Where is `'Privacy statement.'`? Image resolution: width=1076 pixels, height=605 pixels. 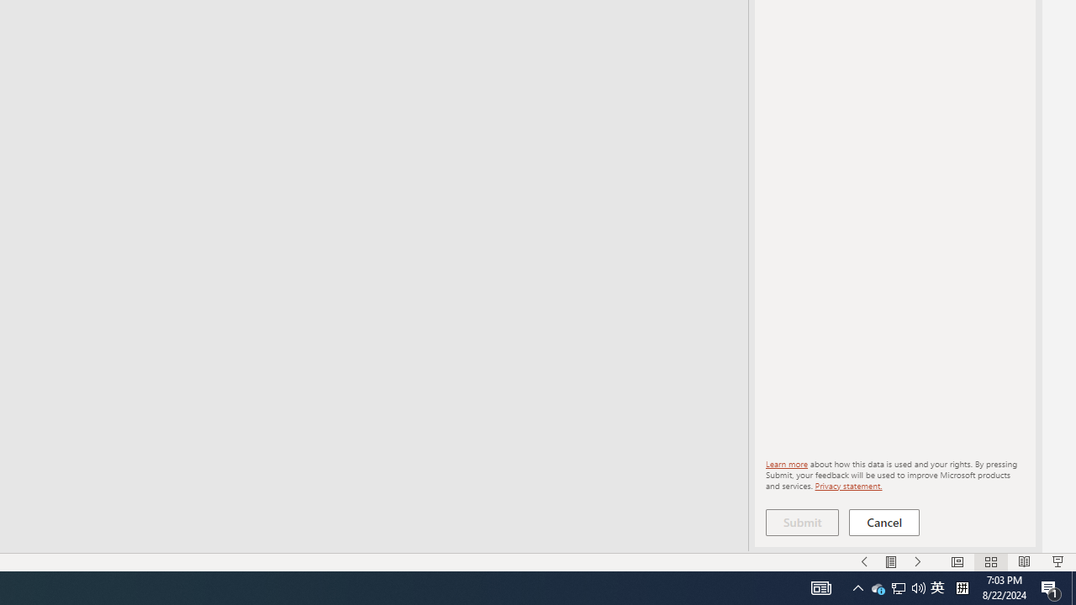 'Privacy statement.' is located at coordinates (848, 485).